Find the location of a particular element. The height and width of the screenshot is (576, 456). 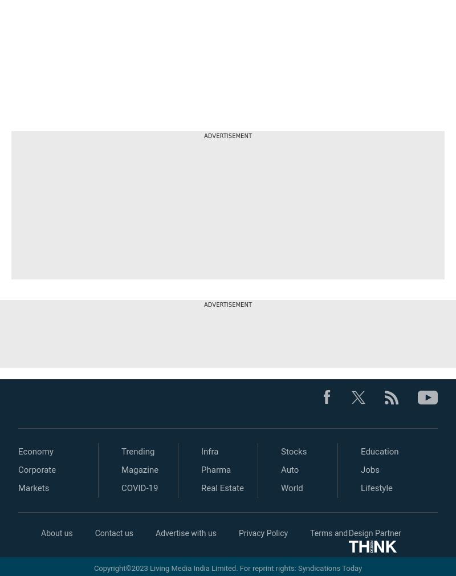

'Infra' is located at coordinates (209, 452).